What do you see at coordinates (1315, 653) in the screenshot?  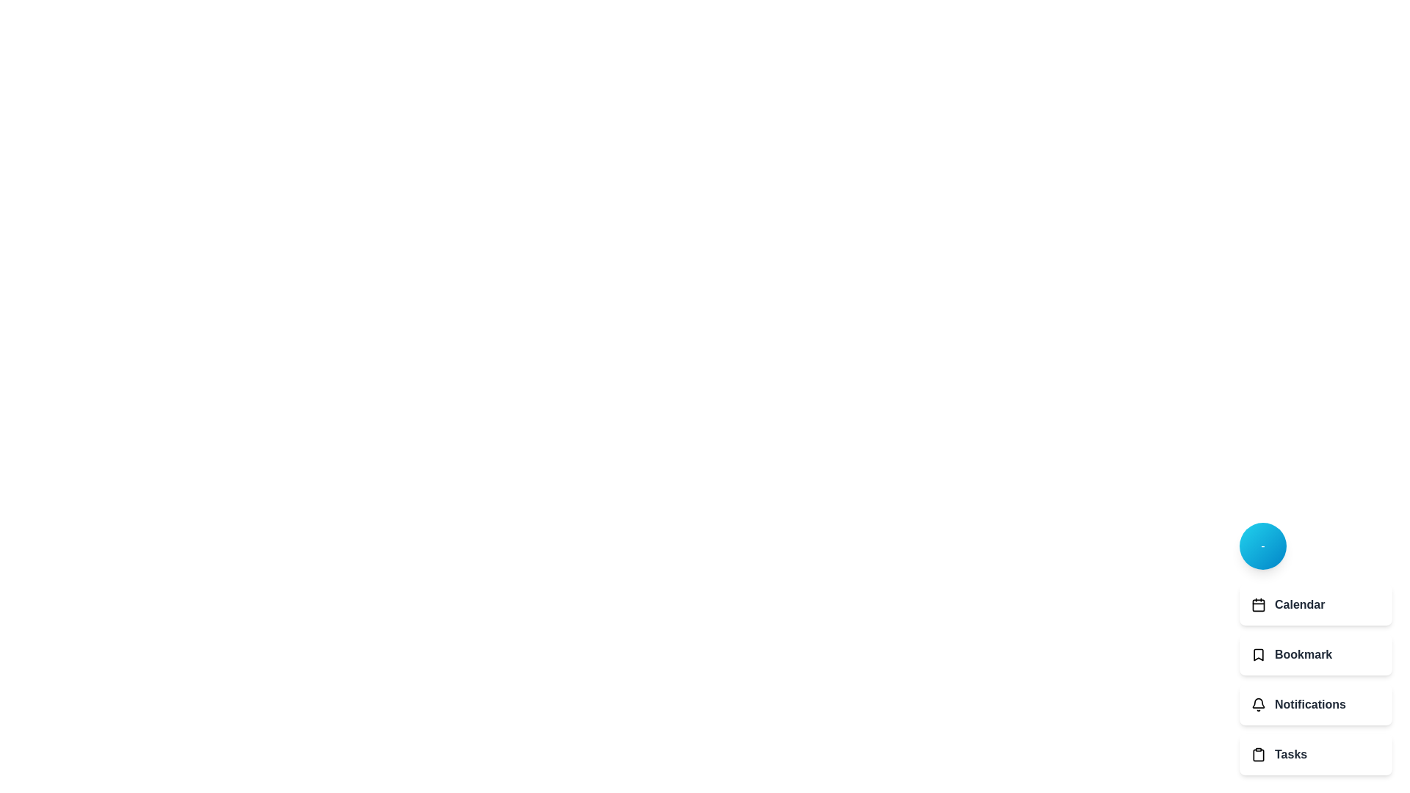 I see `the Bookmark option from the menu` at bounding box center [1315, 653].